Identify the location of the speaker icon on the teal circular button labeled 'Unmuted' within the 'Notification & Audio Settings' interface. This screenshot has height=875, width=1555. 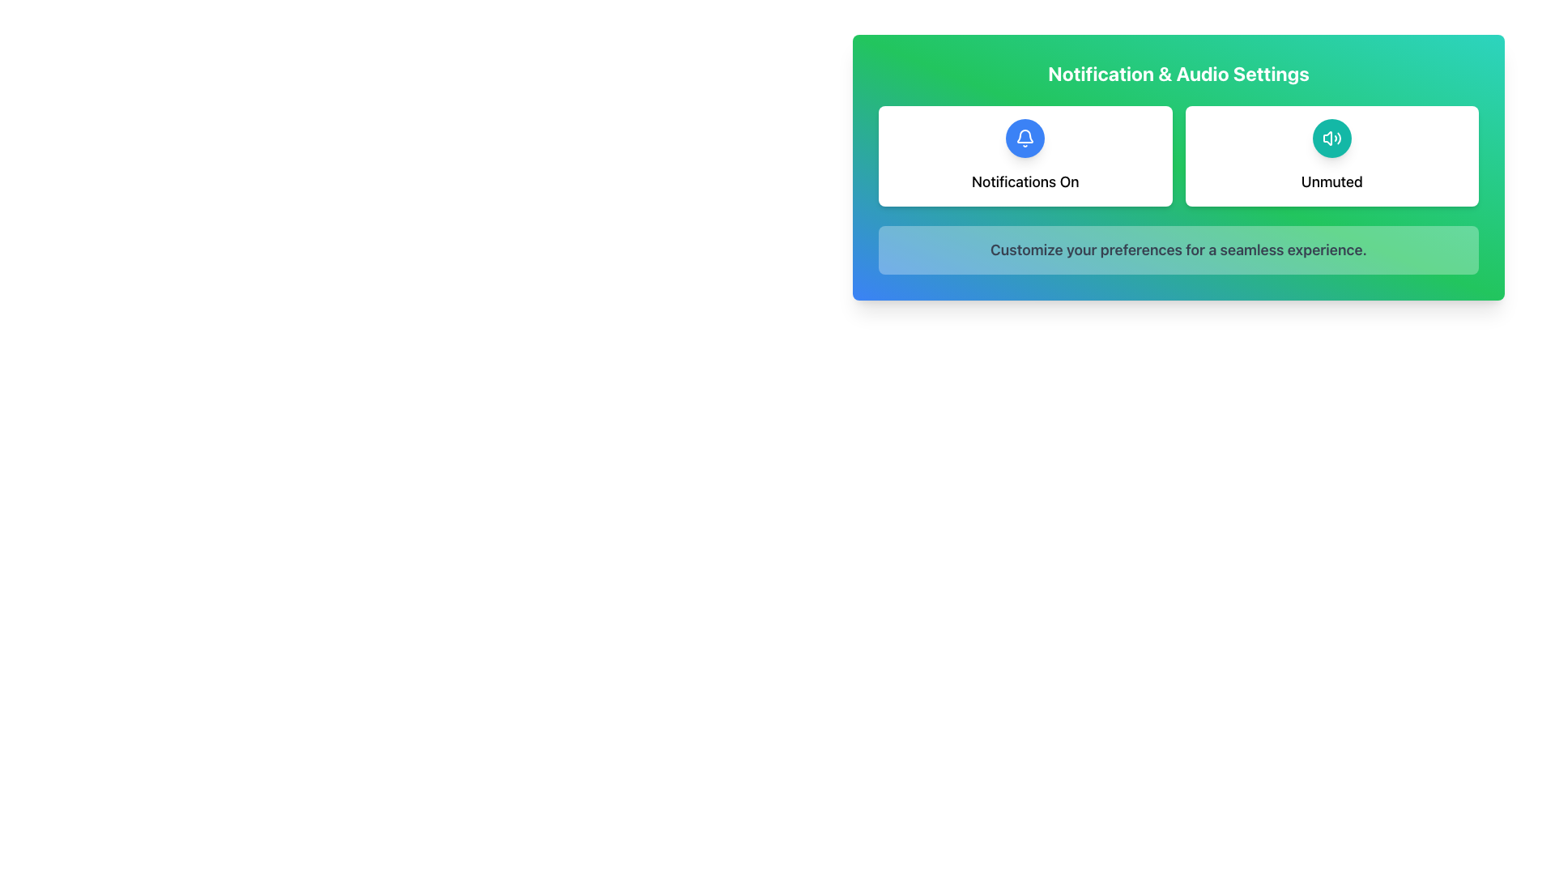
(1331, 137).